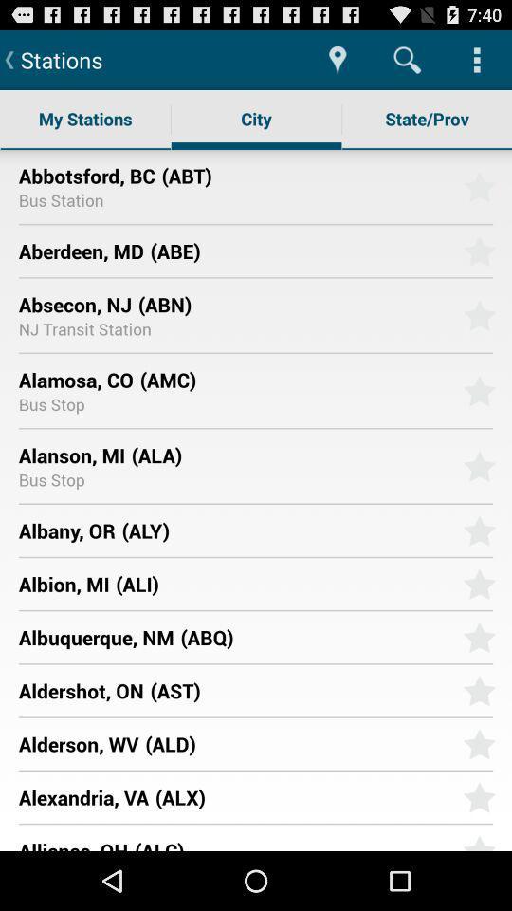 The image size is (512, 911). What do you see at coordinates (74, 304) in the screenshot?
I see `item above nj transit station` at bounding box center [74, 304].